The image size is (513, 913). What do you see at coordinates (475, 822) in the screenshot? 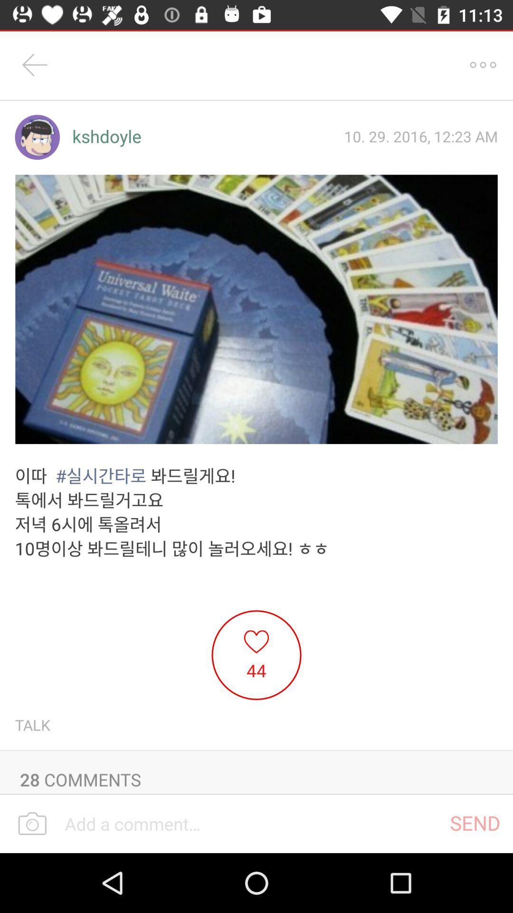
I see `item below the 28 comments` at bounding box center [475, 822].